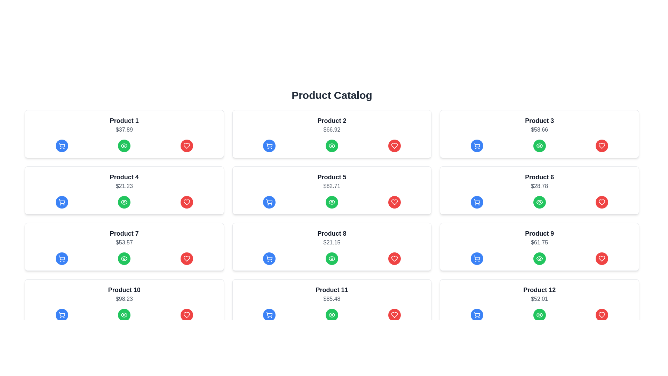 This screenshot has width=668, height=376. I want to click on the blue circular button with a white shopping cart icon, so click(62, 202).